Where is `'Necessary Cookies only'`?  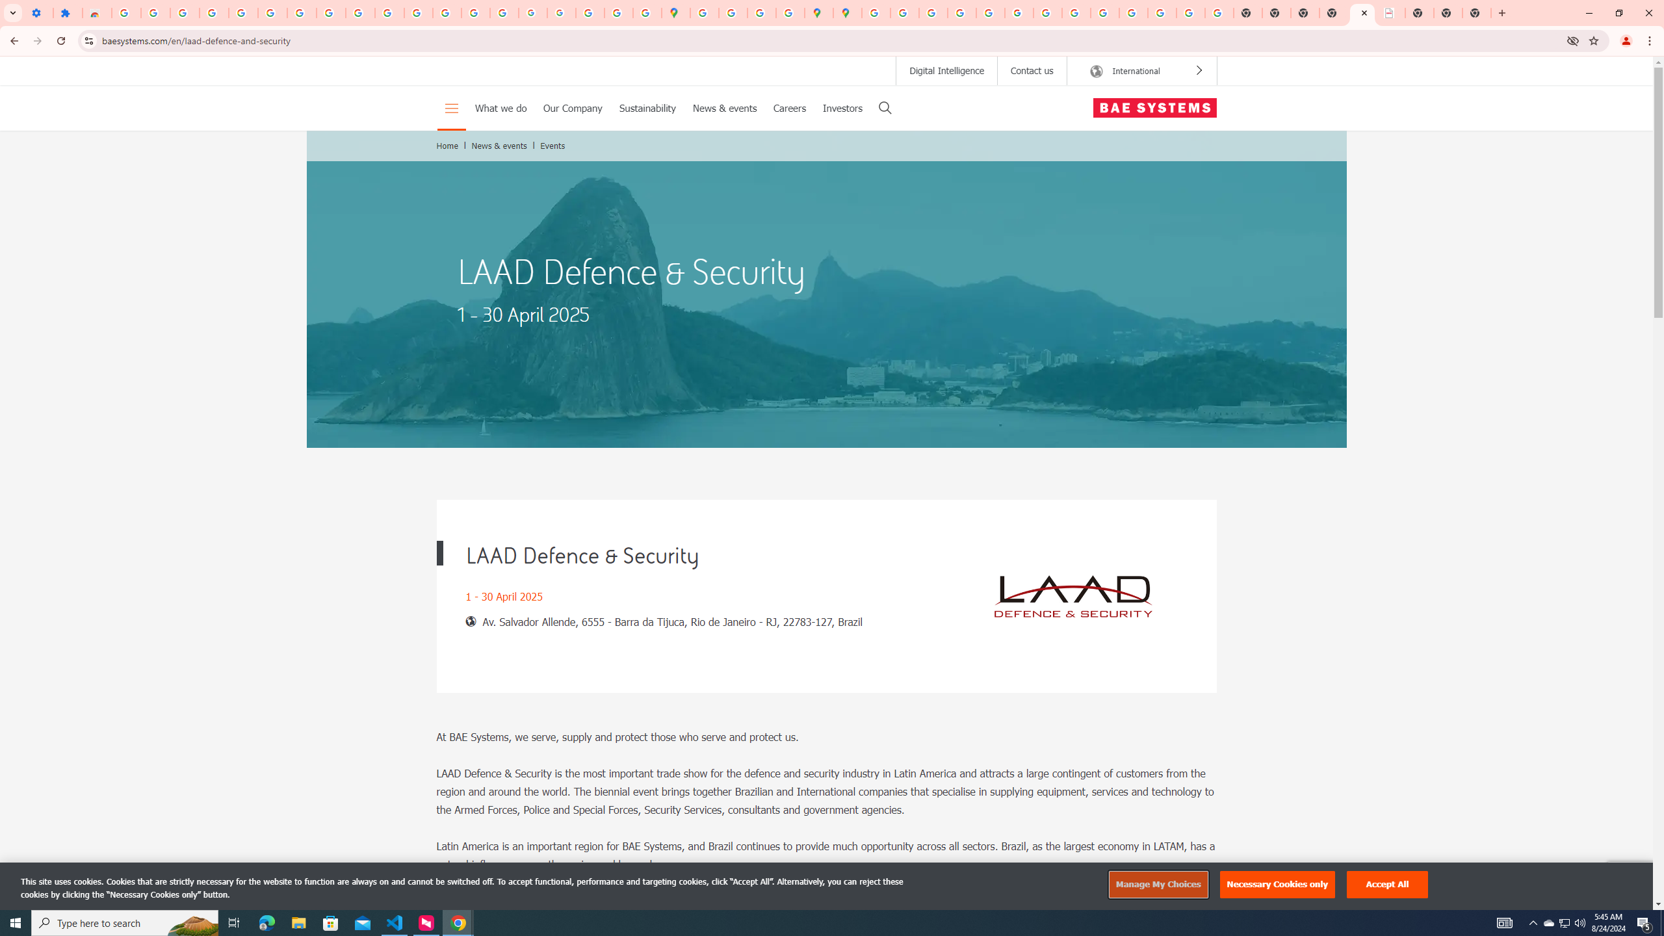
'Necessary Cookies only' is located at coordinates (1277, 884).